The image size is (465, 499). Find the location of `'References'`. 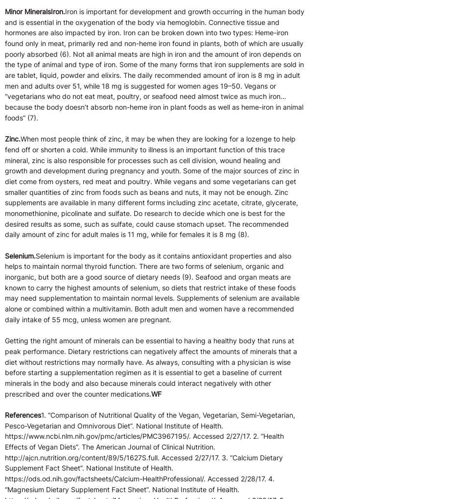

'References' is located at coordinates (23, 414).